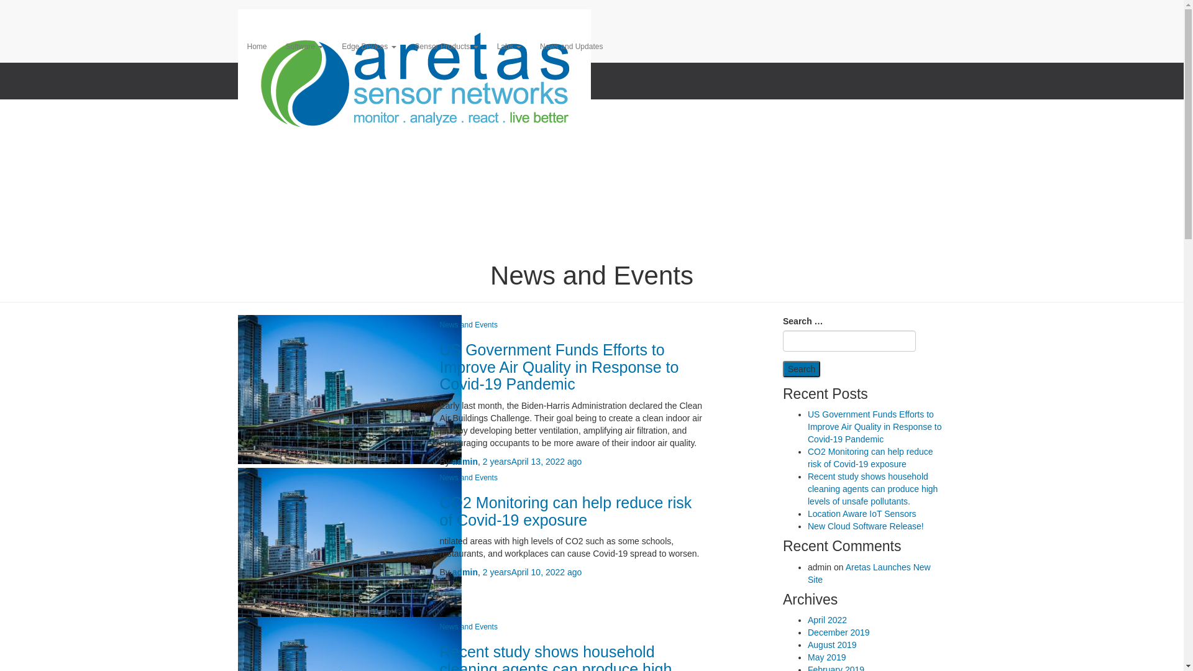 Image resolution: width=1193 pixels, height=671 pixels. Describe the element at coordinates (533, 572) in the screenshot. I see `'2 yearsApril 10, 2022 ago'` at that location.